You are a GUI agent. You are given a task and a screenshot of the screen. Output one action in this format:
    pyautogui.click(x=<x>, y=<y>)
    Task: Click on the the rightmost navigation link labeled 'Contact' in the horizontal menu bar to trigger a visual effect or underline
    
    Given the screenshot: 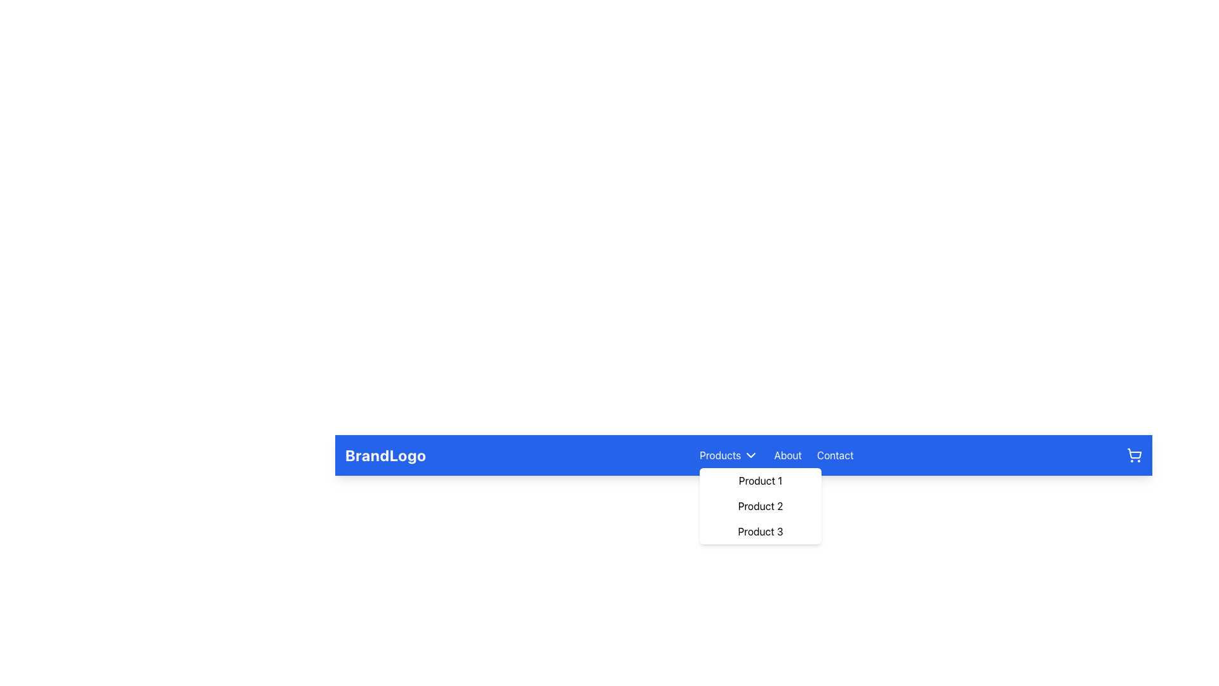 What is the action you would take?
    pyautogui.click(x=835, y=455)
    